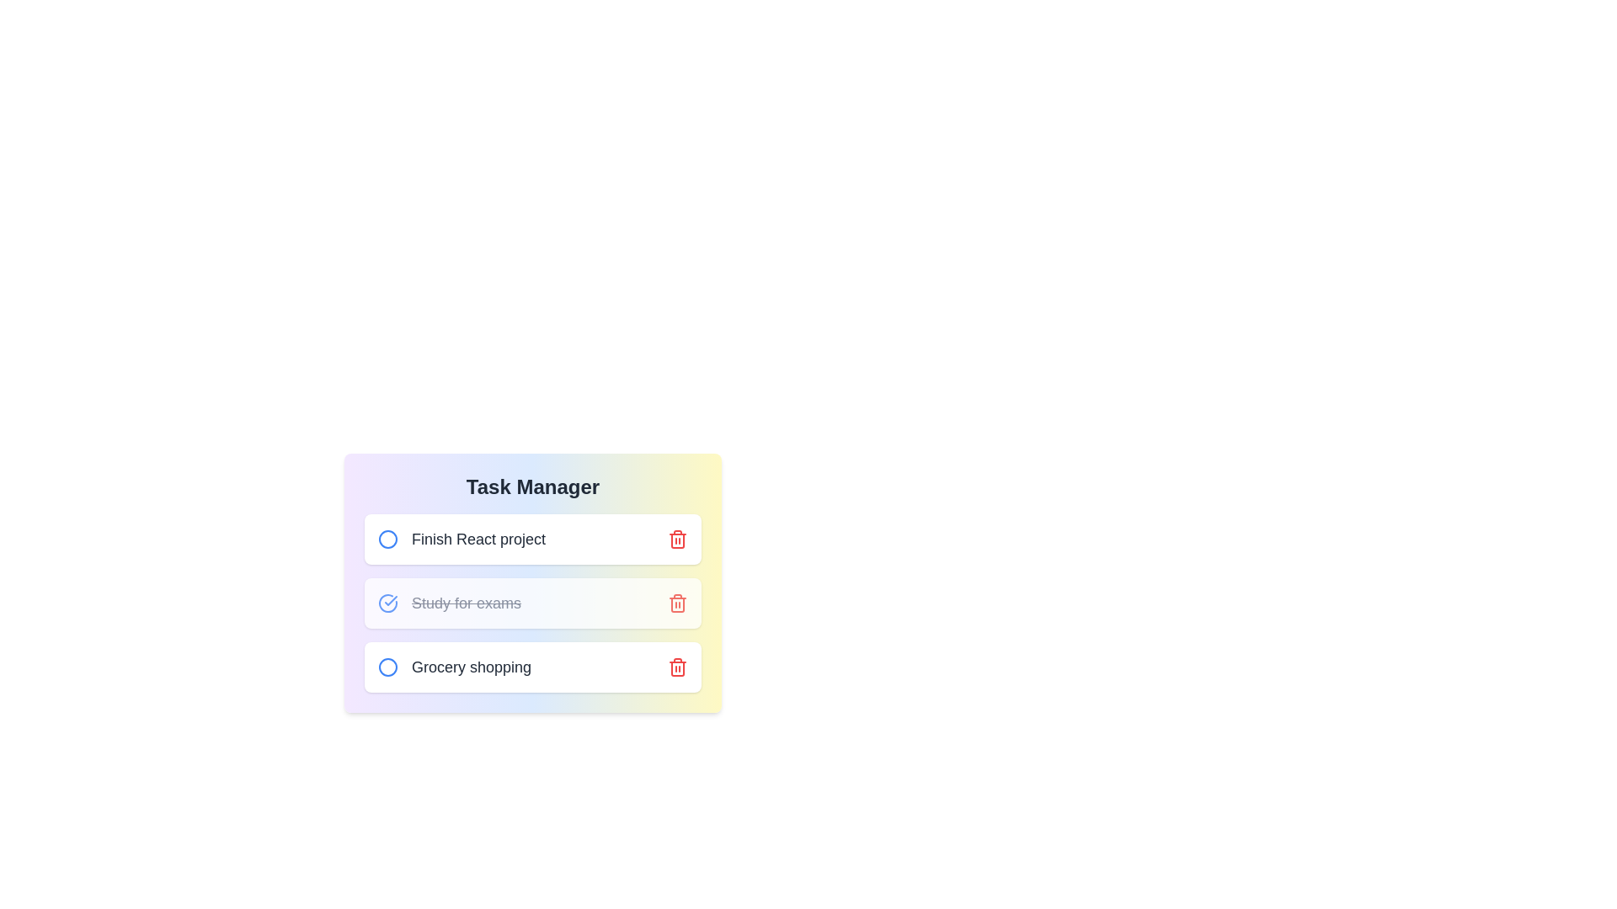 The width and height of the screenshot is (1617, 909). I want to click on the delete icon to remove the task Finish React project, so click(678, 539).